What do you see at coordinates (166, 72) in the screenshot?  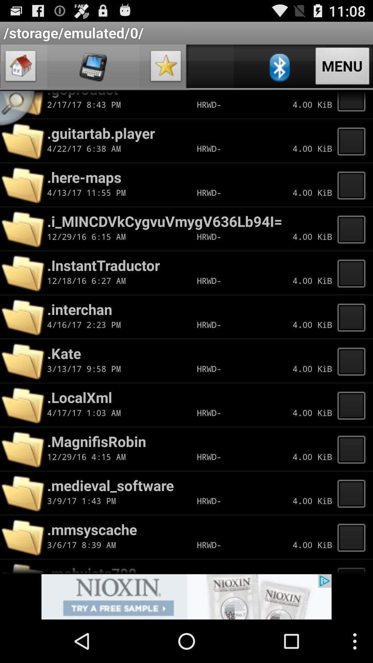 I see `the star icon` at bounding box center [166, 72].